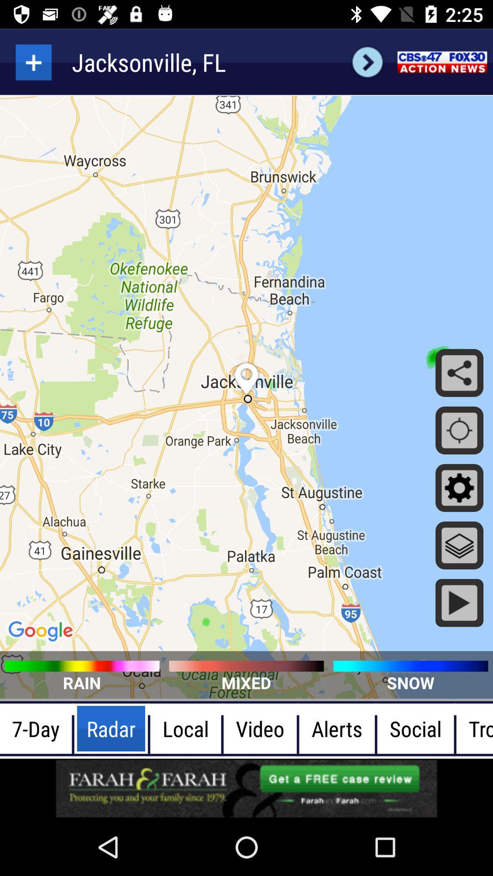 The height and width of the screenshot is (876, 493). What do you see at coordinates (33, 62) in the screenshot?
I see `option` at bounding box center [33, 62].